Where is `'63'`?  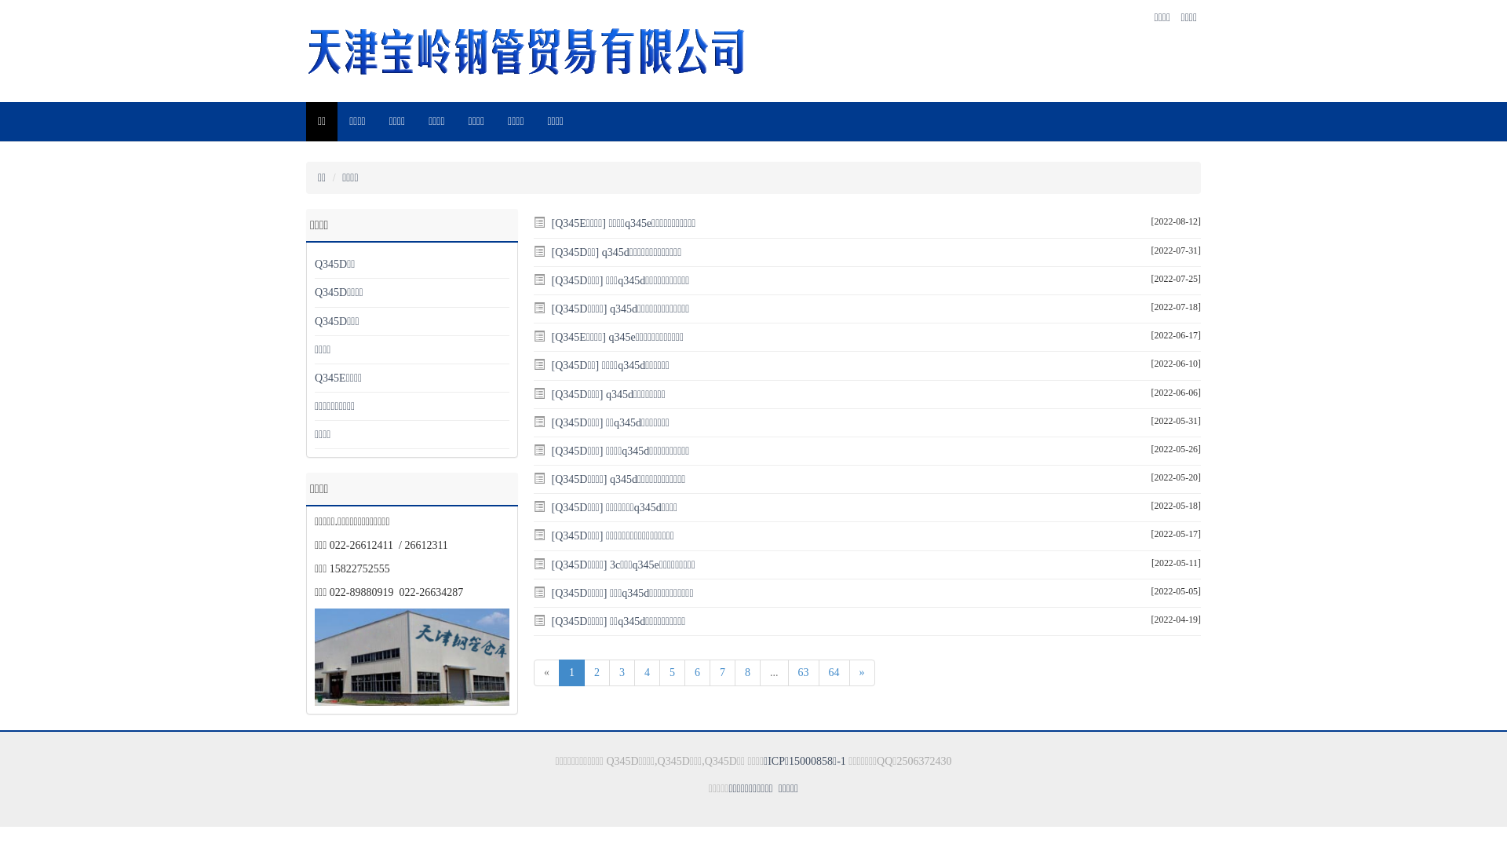
'63' is located at coordinates (803, 671).